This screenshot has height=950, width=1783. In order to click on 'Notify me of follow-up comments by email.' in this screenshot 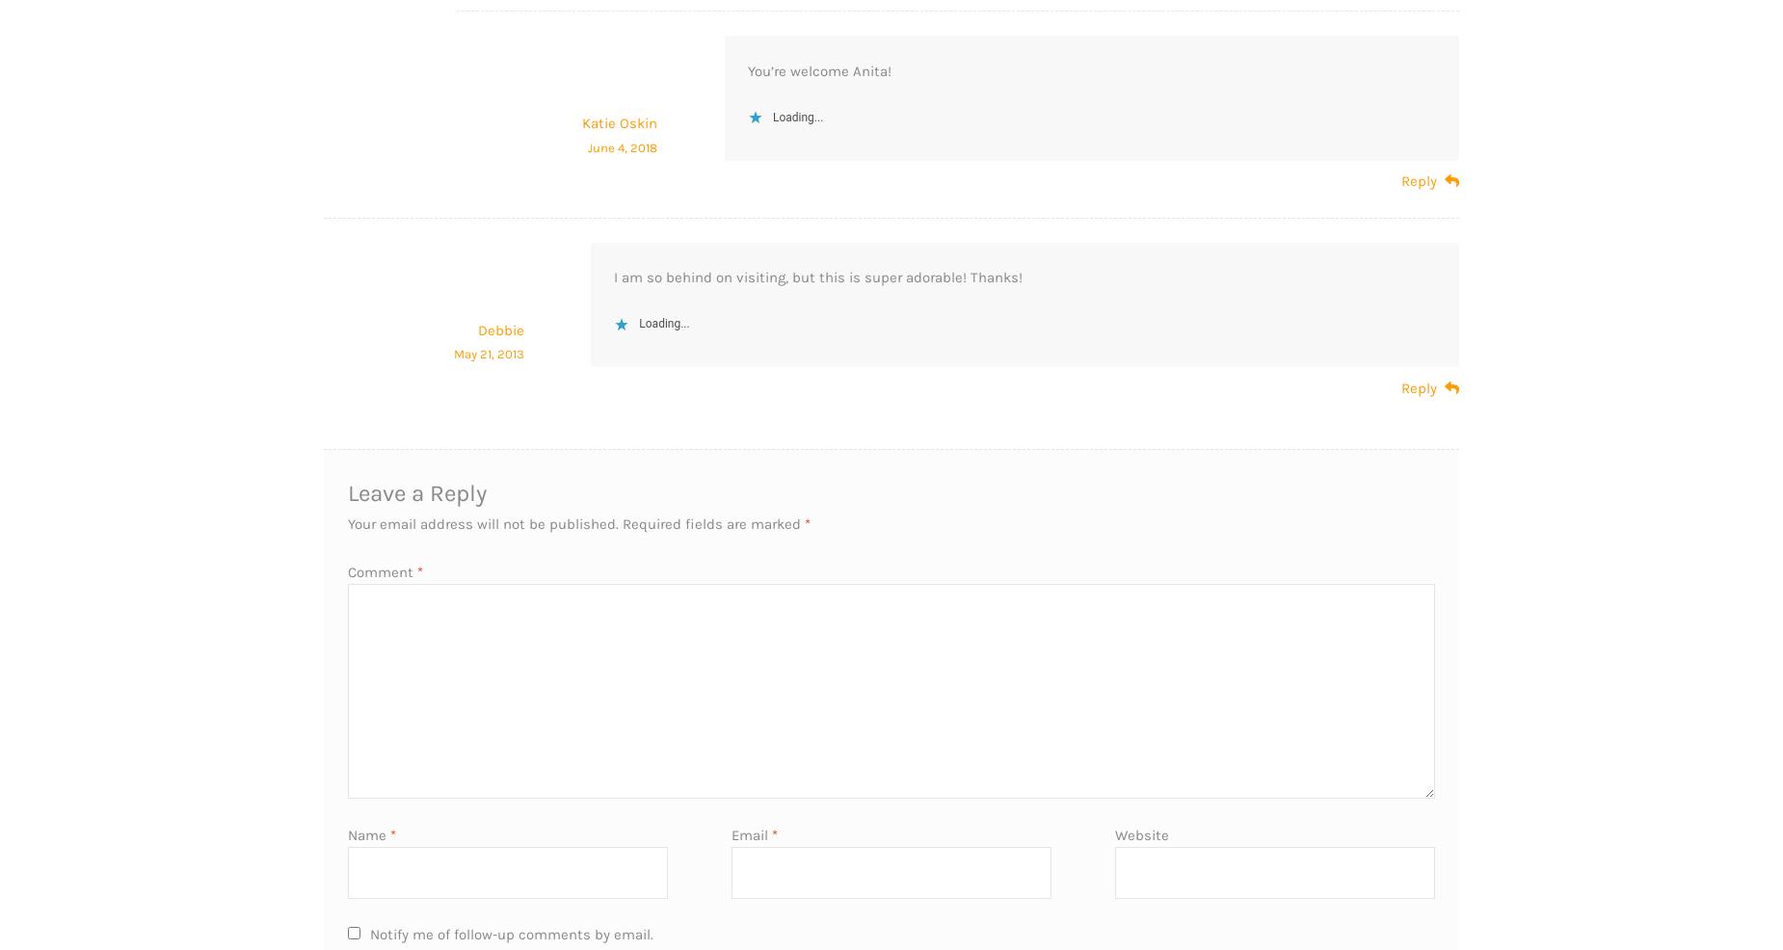, I will do `click(511, 935)`.